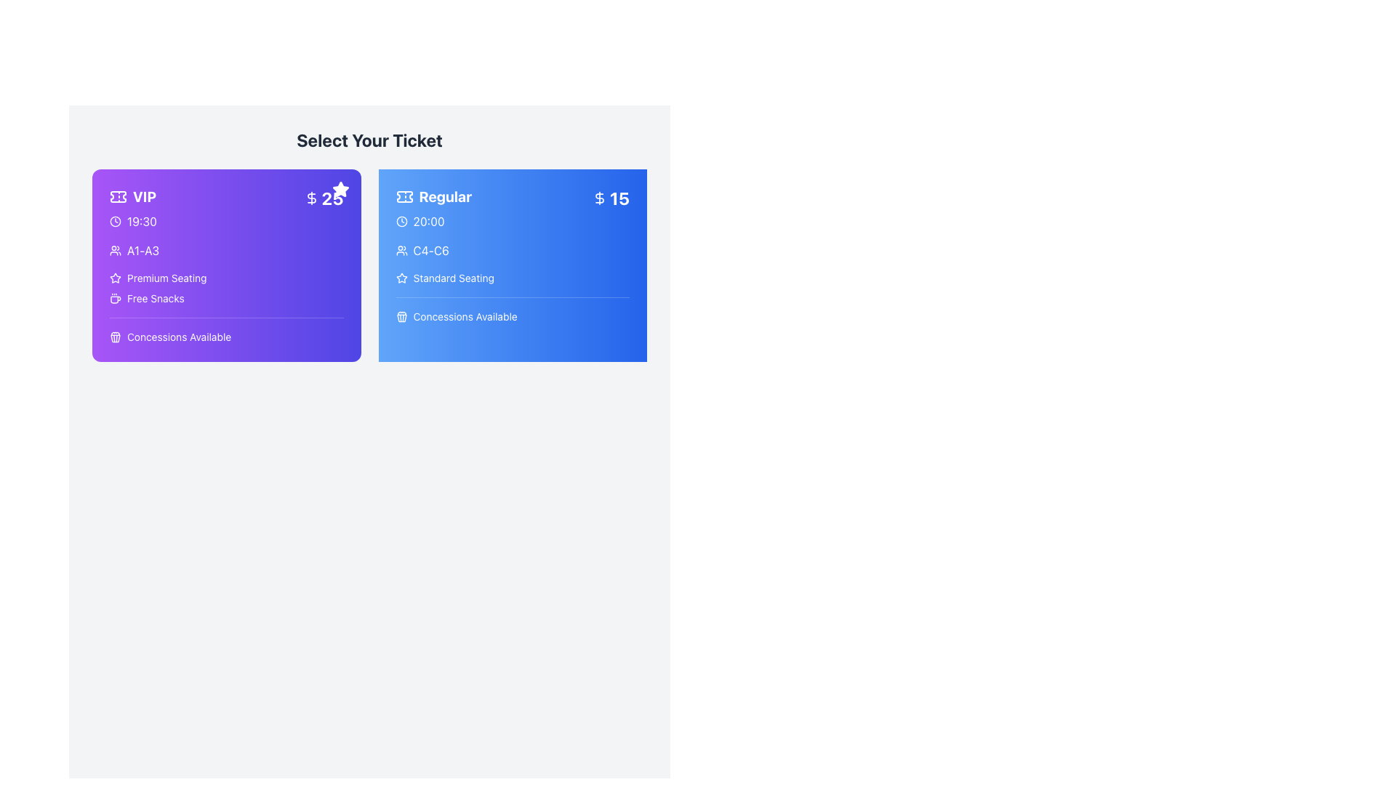 This screenshot has height=785, width=1396. I want to click on the circular graphical component located in the top-left area of the VIP ticket item card, so click(114, 221).